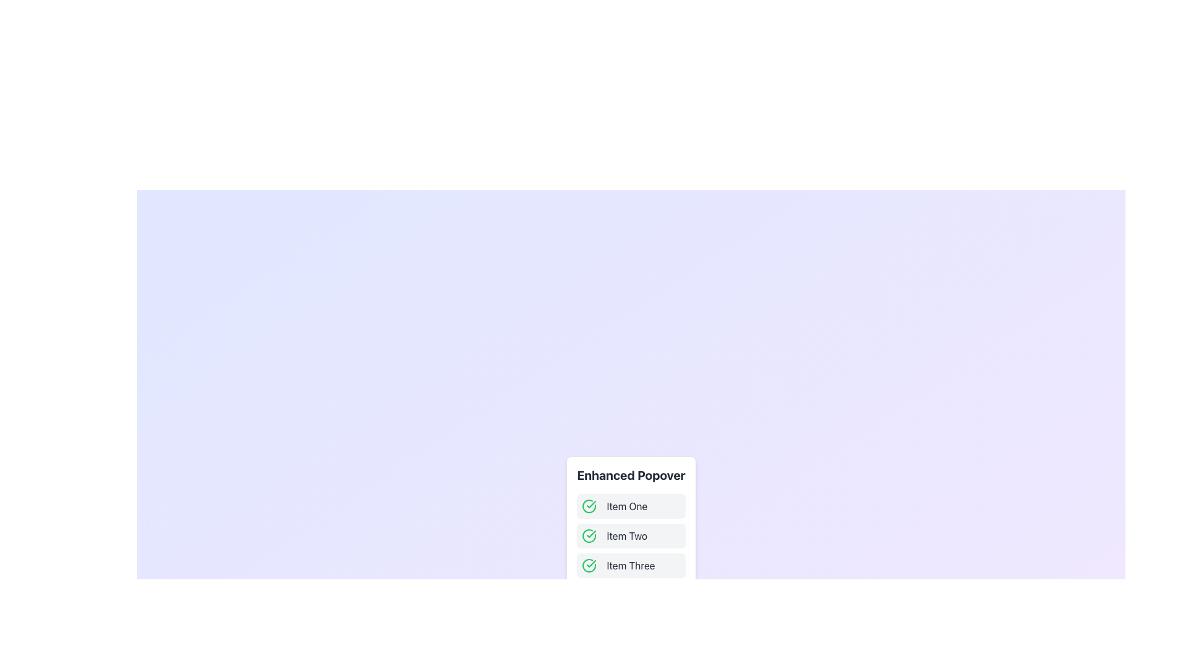  What do you see at coordinates (627, 535) in the screenshot?
I see `the second text label 'Item Two' in the list to trigger a tooltip or highlight` at bounding box center [627, 535].